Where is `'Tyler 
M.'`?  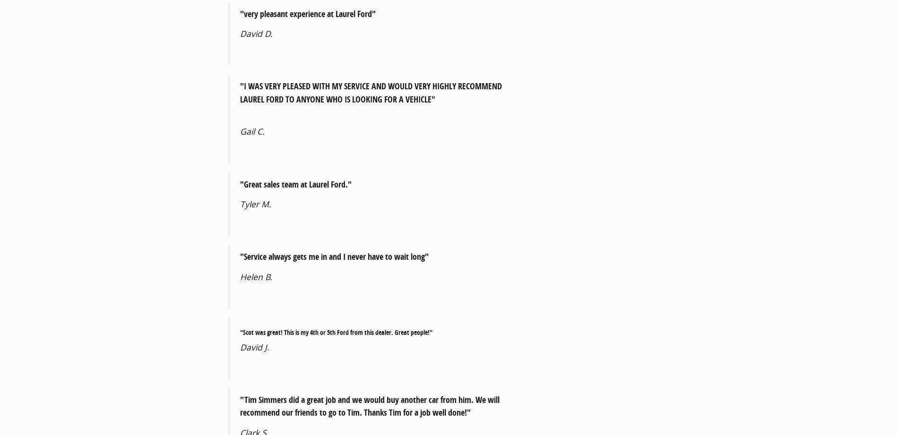
'Tyler 
M.' is located at coordinates (255, 204).